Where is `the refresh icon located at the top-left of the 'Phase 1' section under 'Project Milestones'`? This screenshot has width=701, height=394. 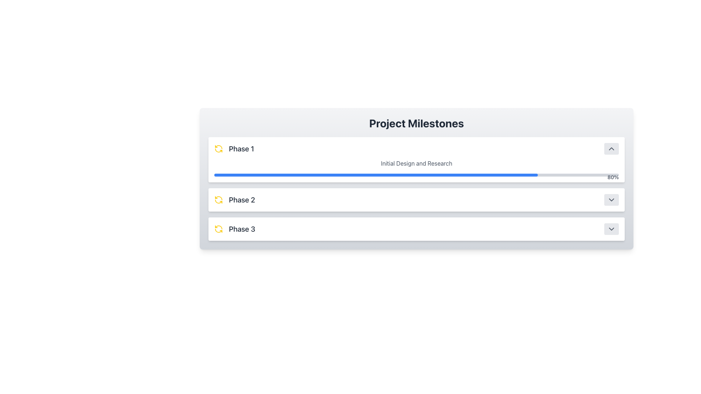 the refresh icon located at the top-left of the 'Phase 1' section under 'Project Milestones' is located at coordinates (218, 148).